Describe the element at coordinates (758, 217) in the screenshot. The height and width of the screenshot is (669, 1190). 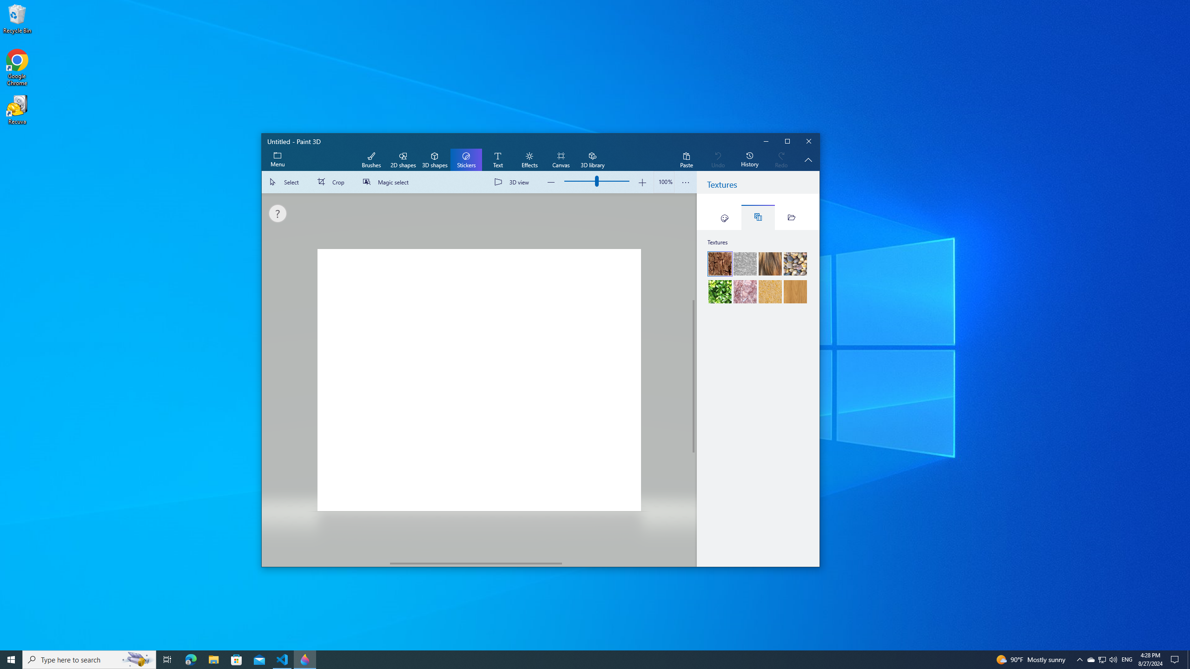
I see `'Textures'` at that location.